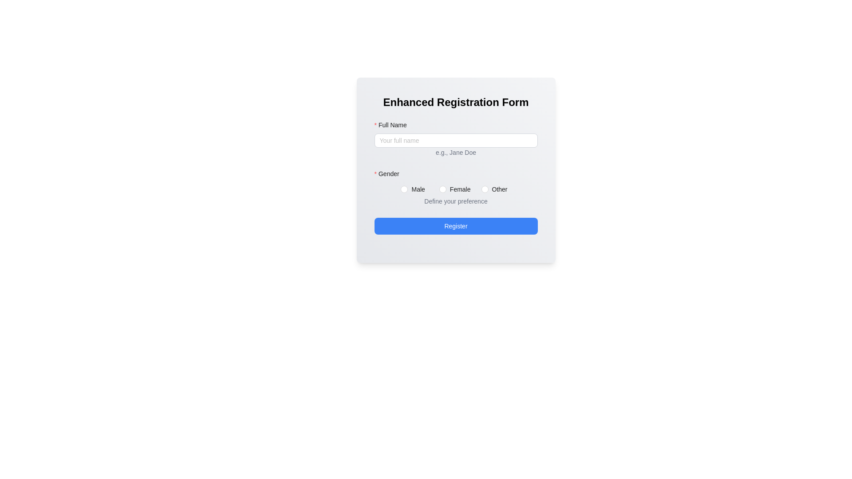 The image size is (852, 479). Describe the element at coordinates (460, 189) in the screenshot. I see `the 'Female' radio button, which is indicated by the adjacent label positioned between the 'Male' and 'Other' options in the gender selection row` at that location.